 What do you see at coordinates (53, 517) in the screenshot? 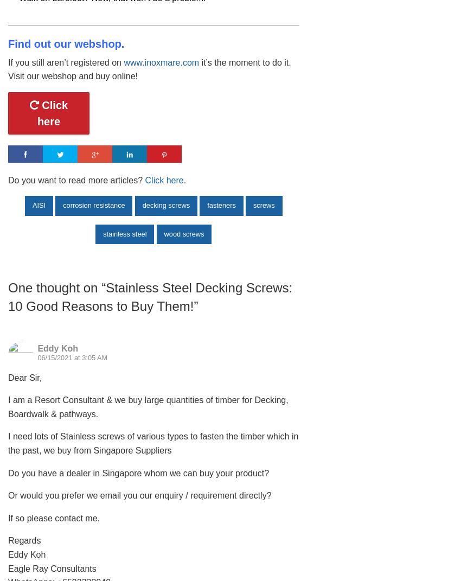
I see `'If so please contact me.'` at bounding box center [53, 517].